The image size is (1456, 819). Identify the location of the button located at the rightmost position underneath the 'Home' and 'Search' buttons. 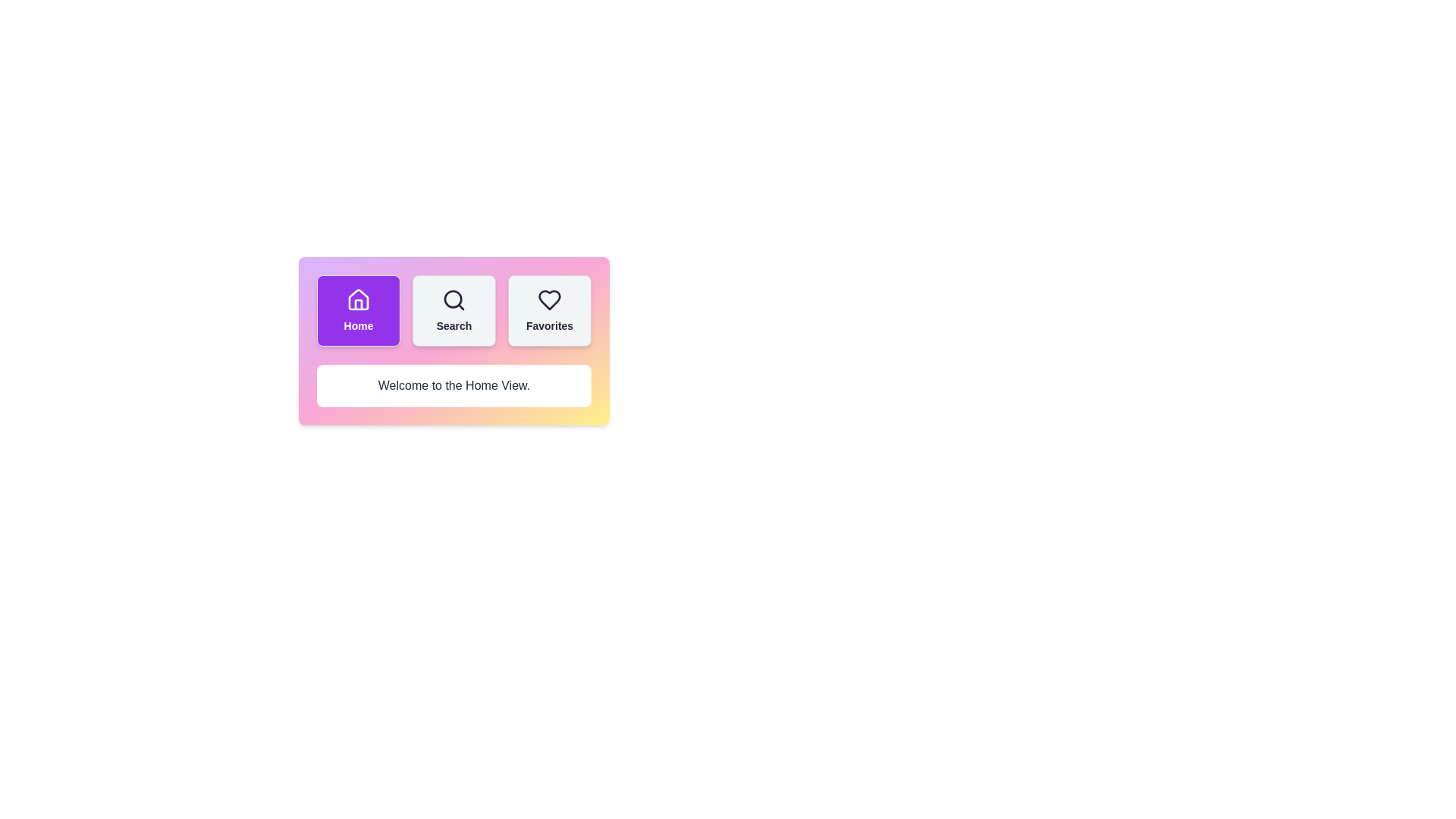
(548, 309).